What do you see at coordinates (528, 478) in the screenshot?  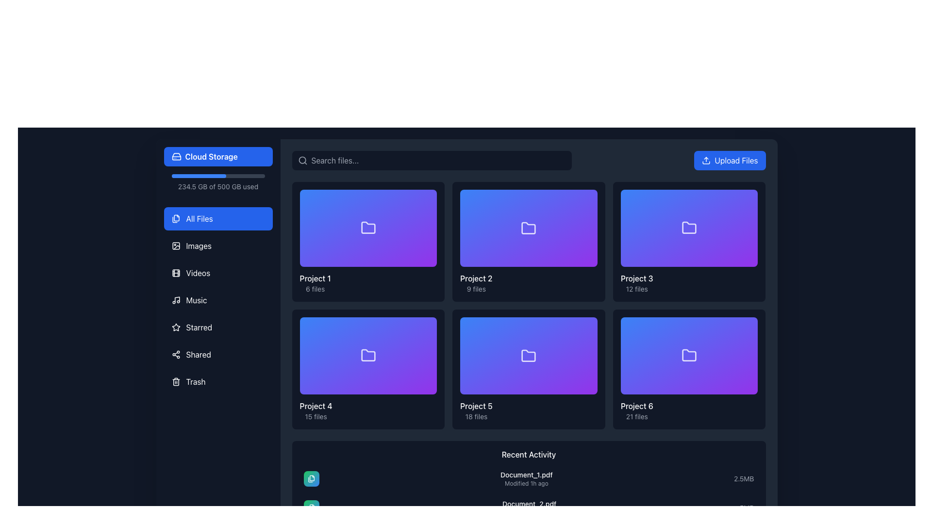 I see `the filename 'Document_1.pdf' in the first list item of the file activity log` at bounding box center [528, 478].